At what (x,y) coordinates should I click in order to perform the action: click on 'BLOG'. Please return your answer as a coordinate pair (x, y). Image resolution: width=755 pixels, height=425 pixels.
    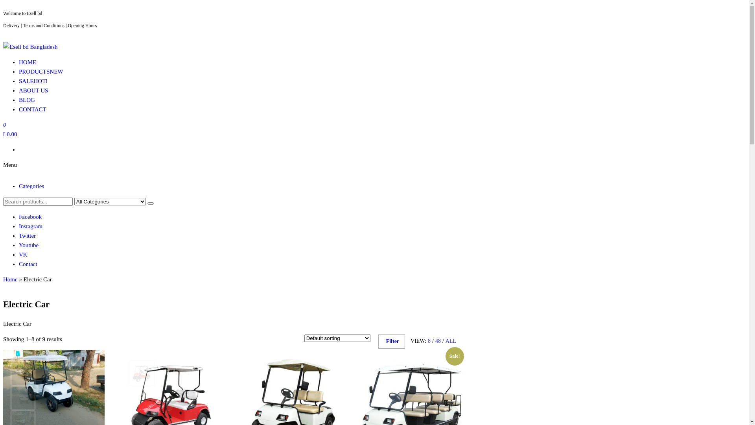
    Looking at the image, I should click on (27, 100).